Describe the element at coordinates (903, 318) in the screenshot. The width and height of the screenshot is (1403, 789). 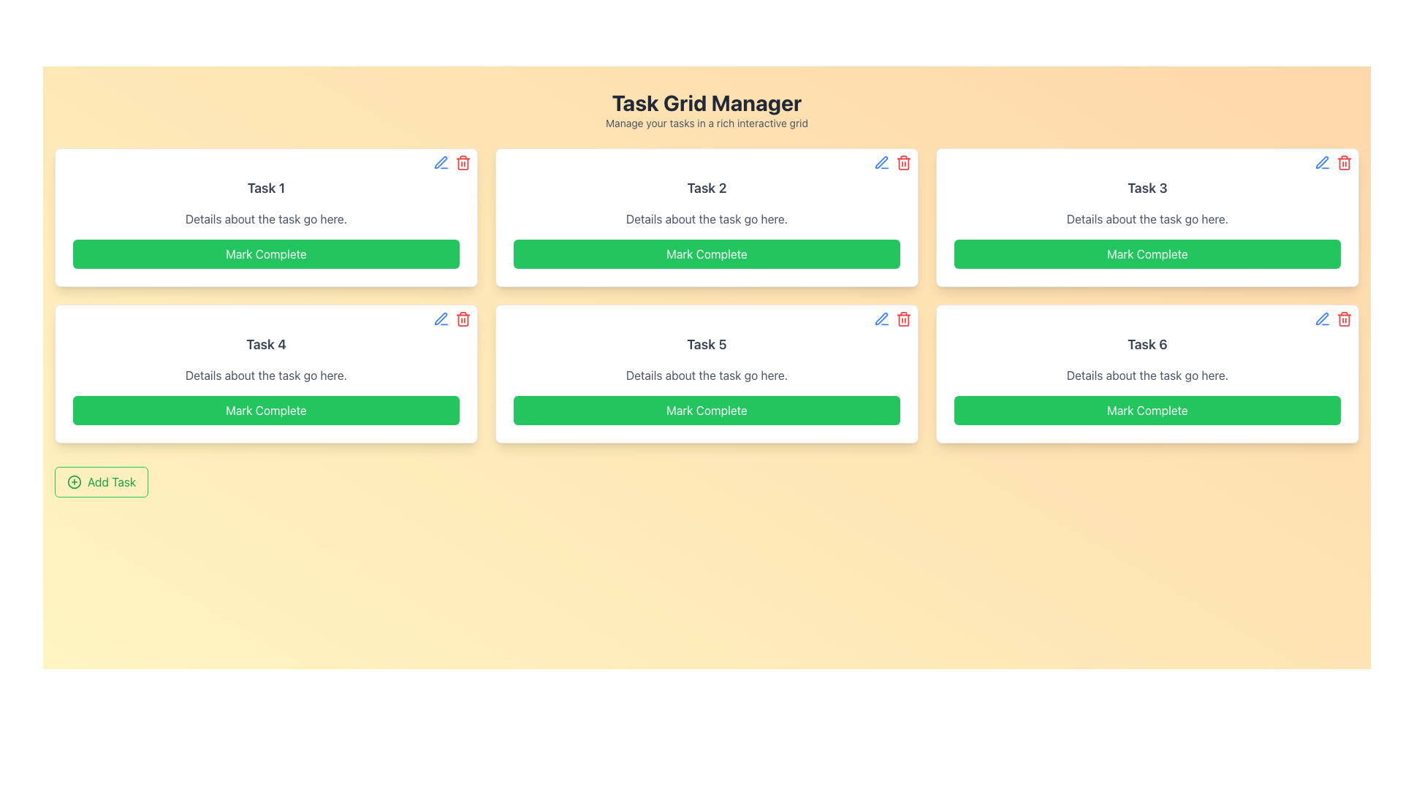
I see `the red trash icon button located in the top-right corner of the task card` at that location.